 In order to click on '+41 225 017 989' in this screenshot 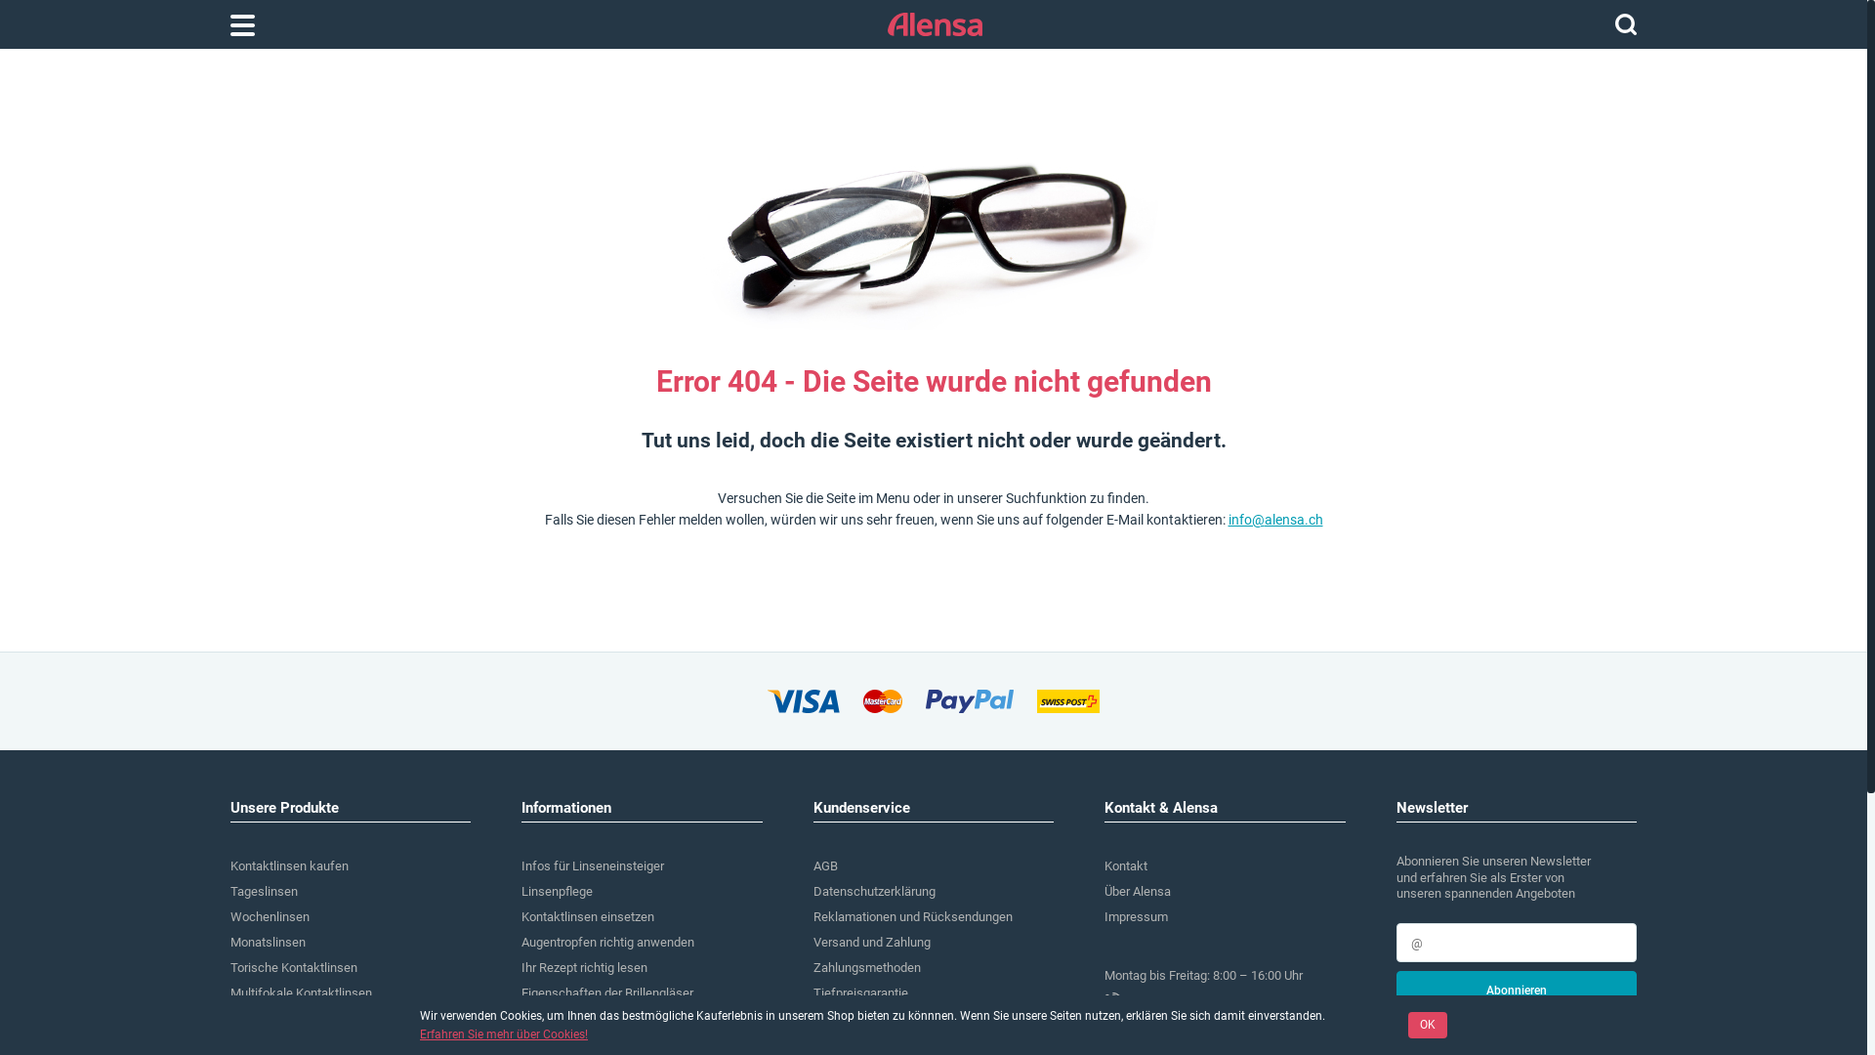, I will do `click(1223, 1001)`.